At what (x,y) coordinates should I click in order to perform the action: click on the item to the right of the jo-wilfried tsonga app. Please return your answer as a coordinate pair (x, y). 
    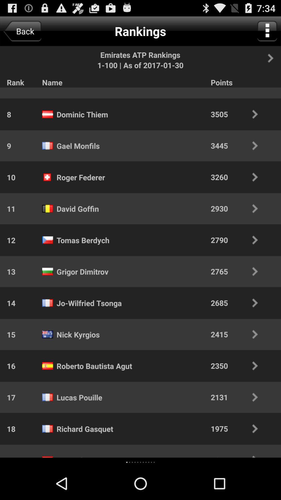
    Looking at the image, I should click on (238, 303).